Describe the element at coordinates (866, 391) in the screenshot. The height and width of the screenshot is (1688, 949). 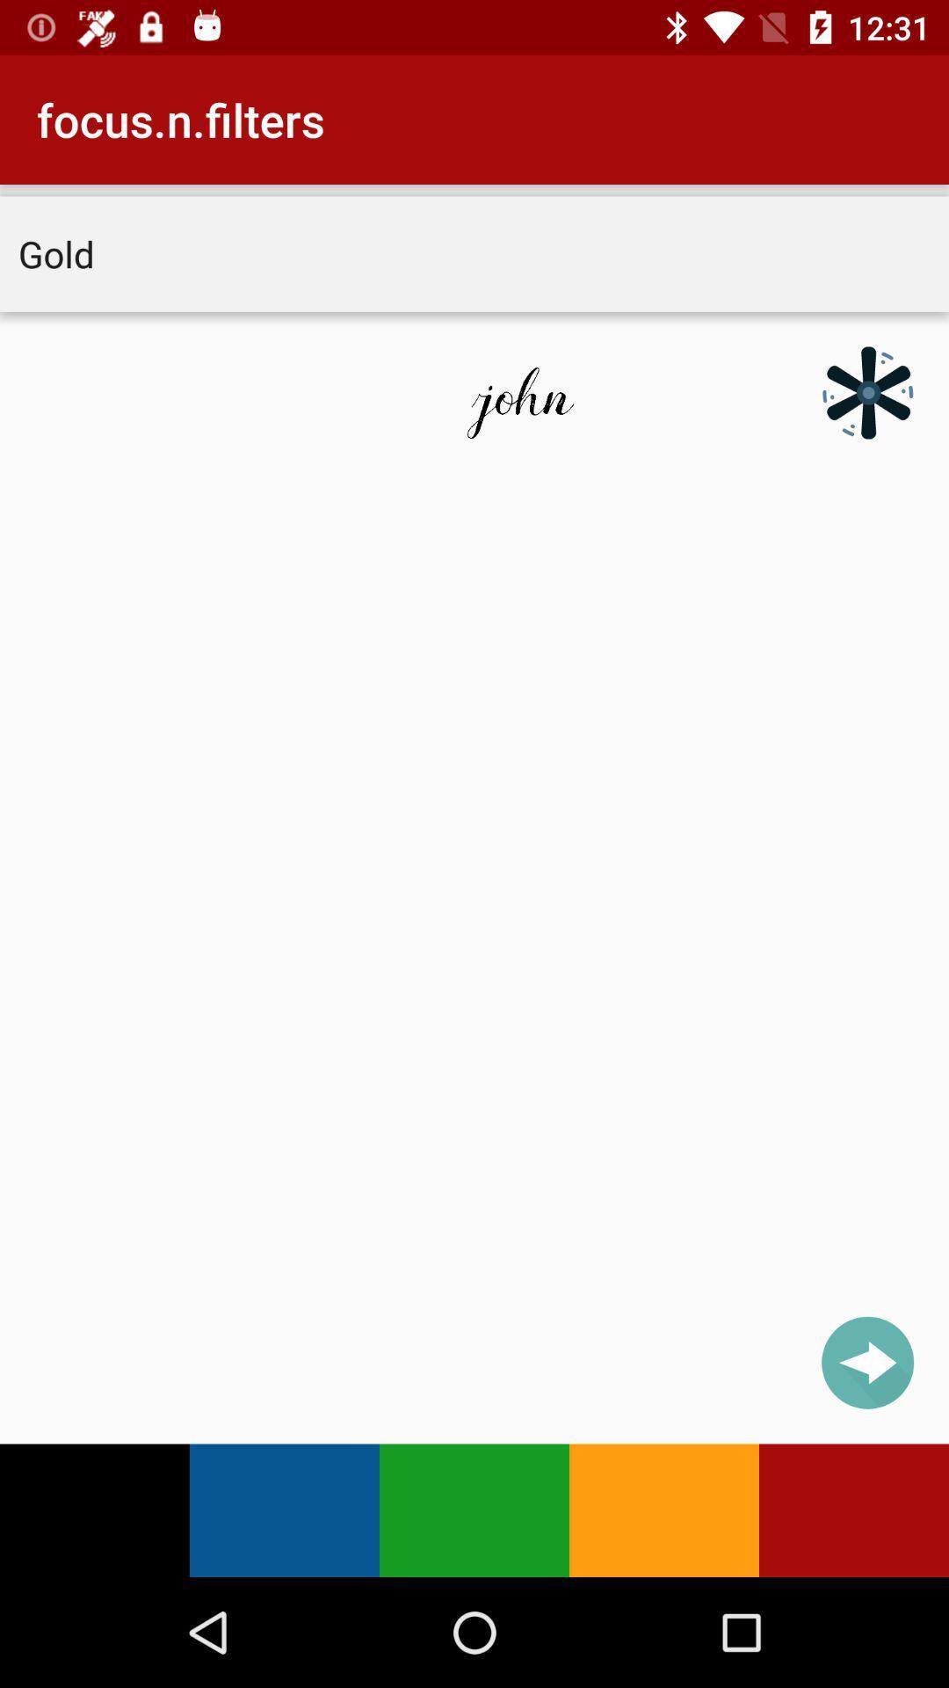
I see `the icon below gold item` at that location.